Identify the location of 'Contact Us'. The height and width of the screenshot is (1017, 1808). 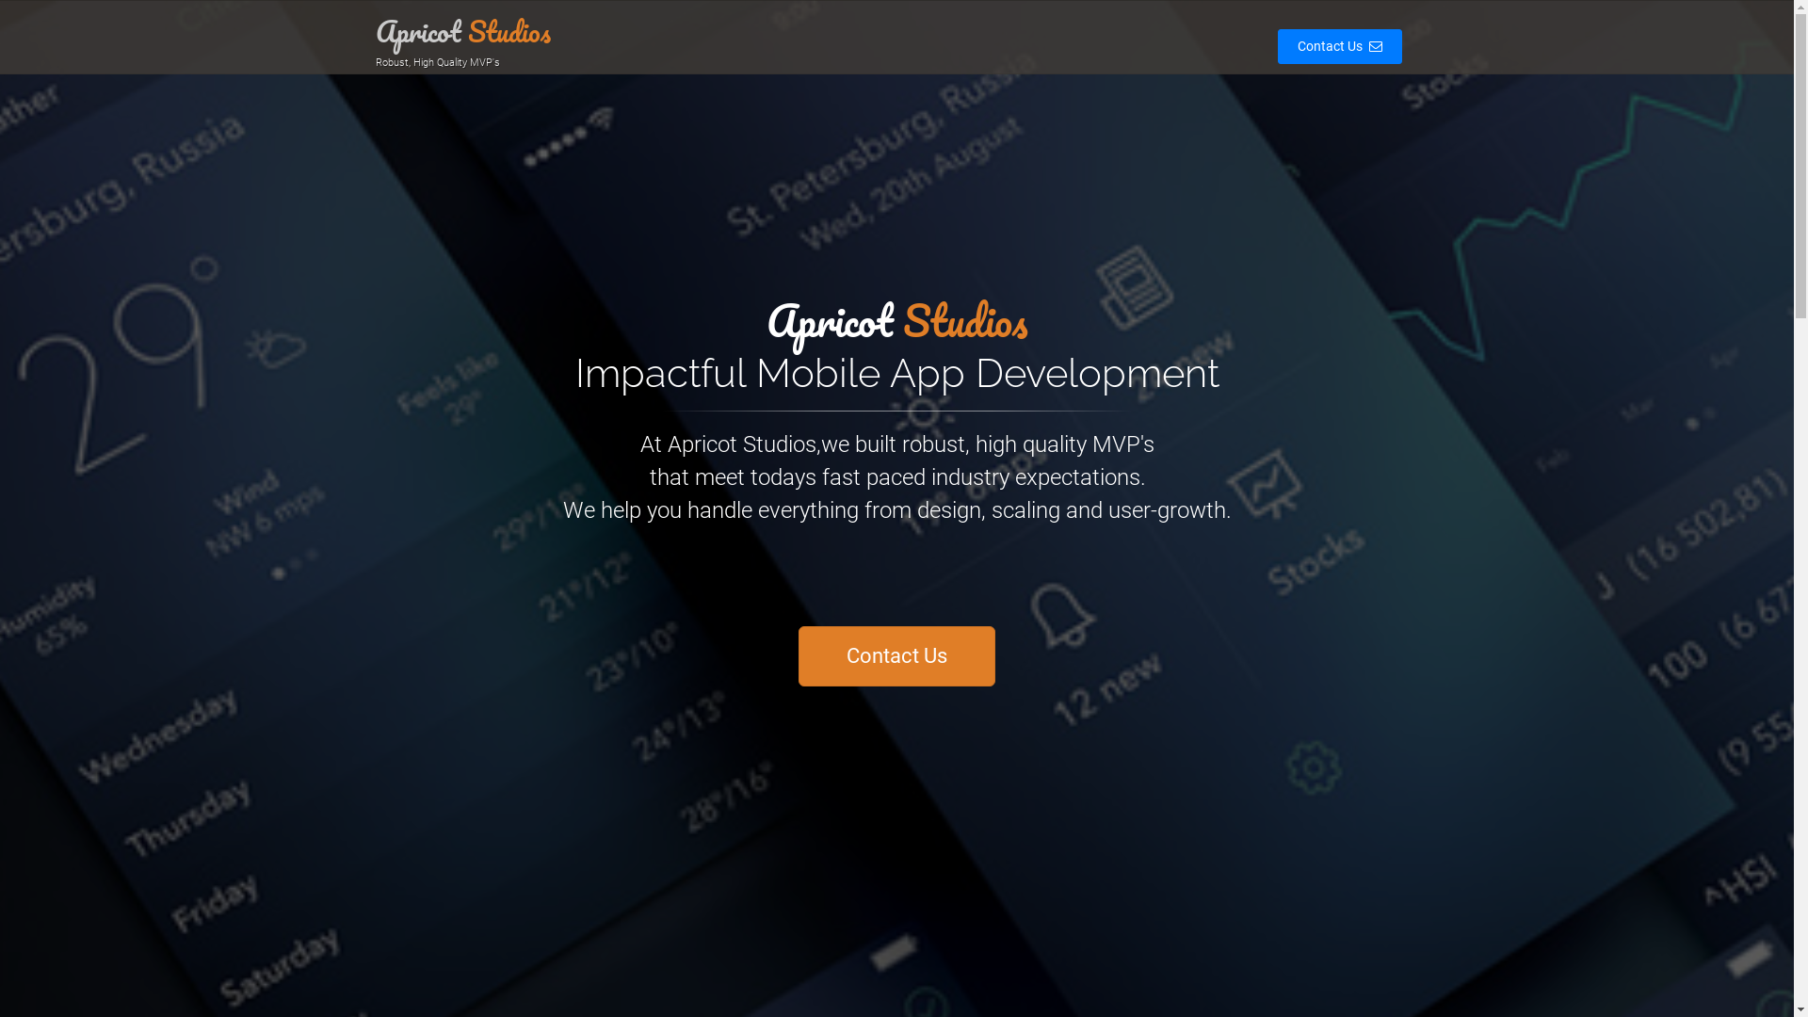
(1331, 45).